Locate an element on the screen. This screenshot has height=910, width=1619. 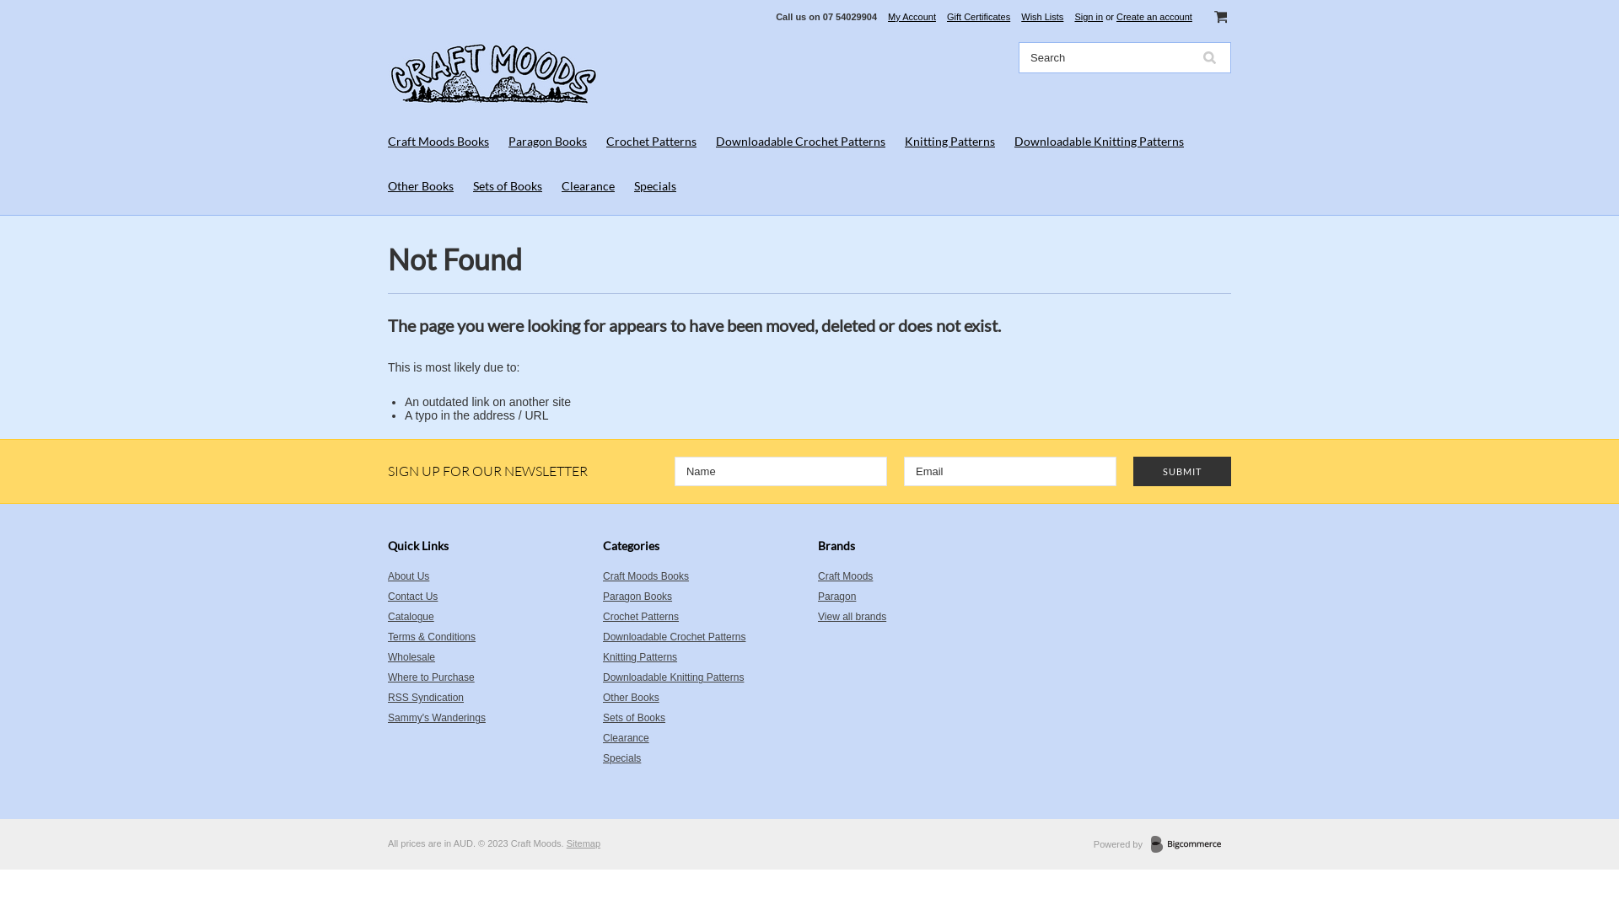
'RSS Syndication' is located at coordinates (486, 698).